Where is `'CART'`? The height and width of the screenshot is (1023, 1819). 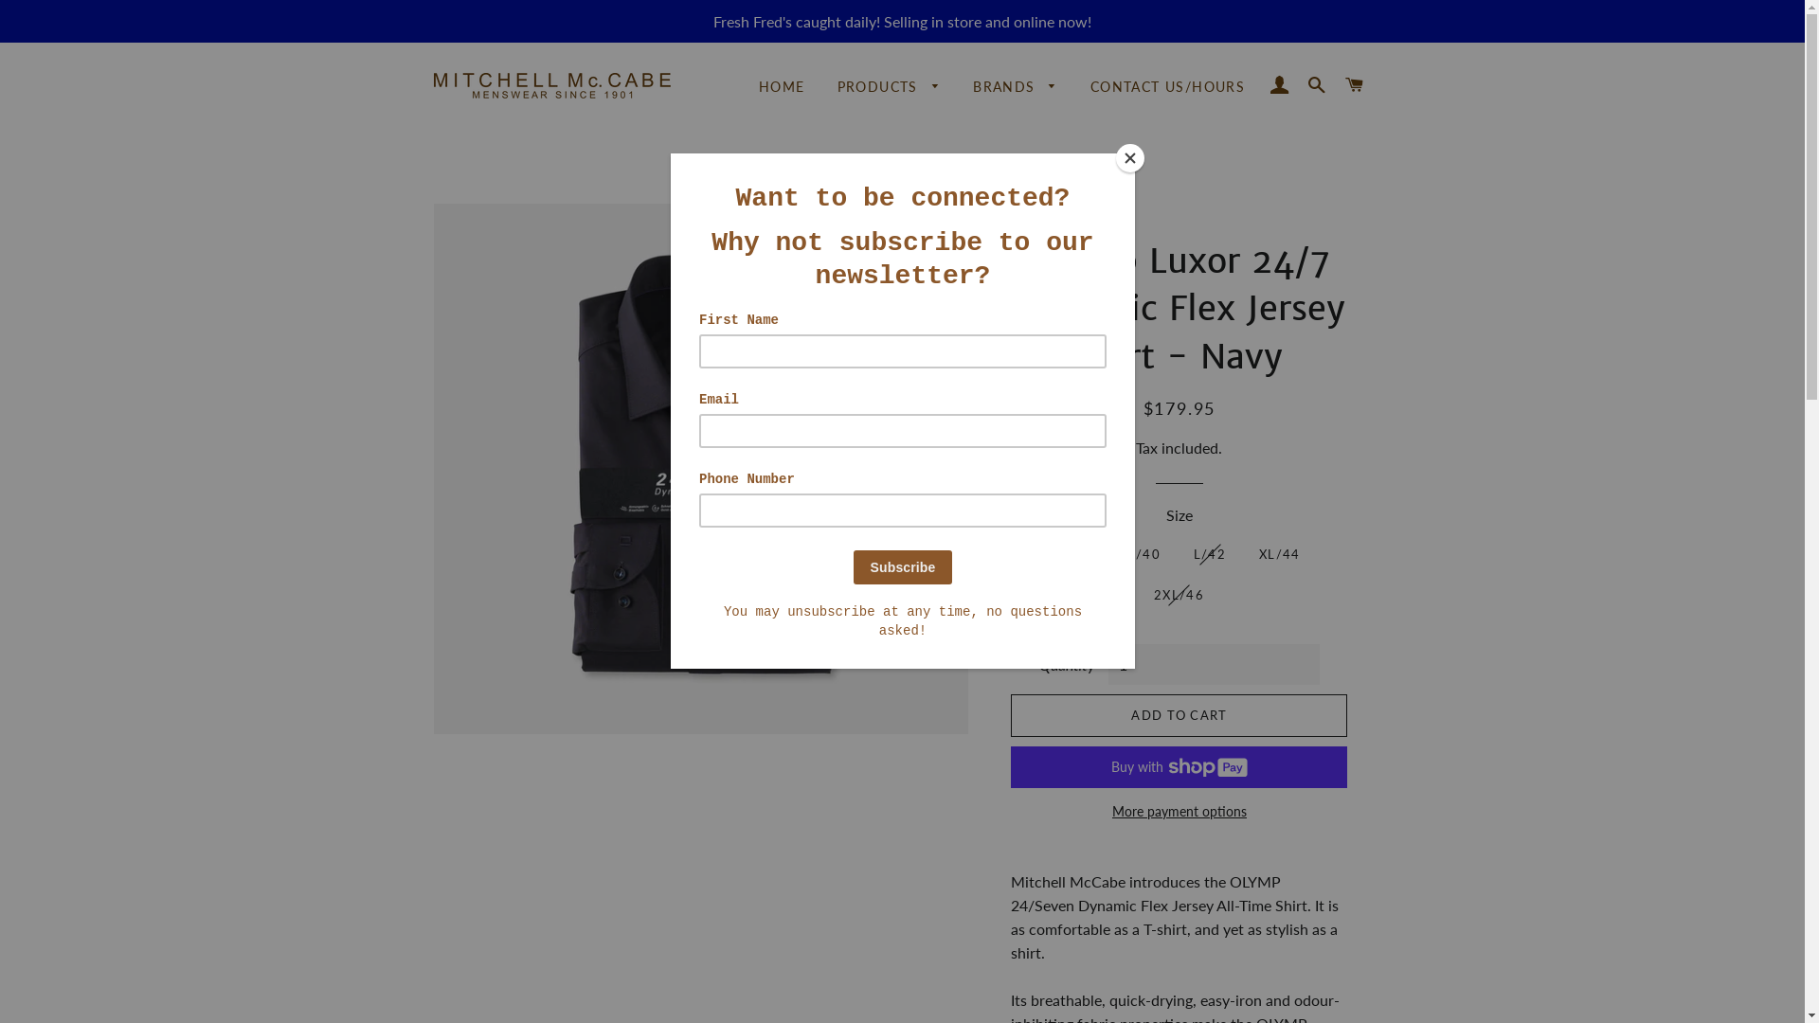 'CART' is located at coordinates (1353, 83).